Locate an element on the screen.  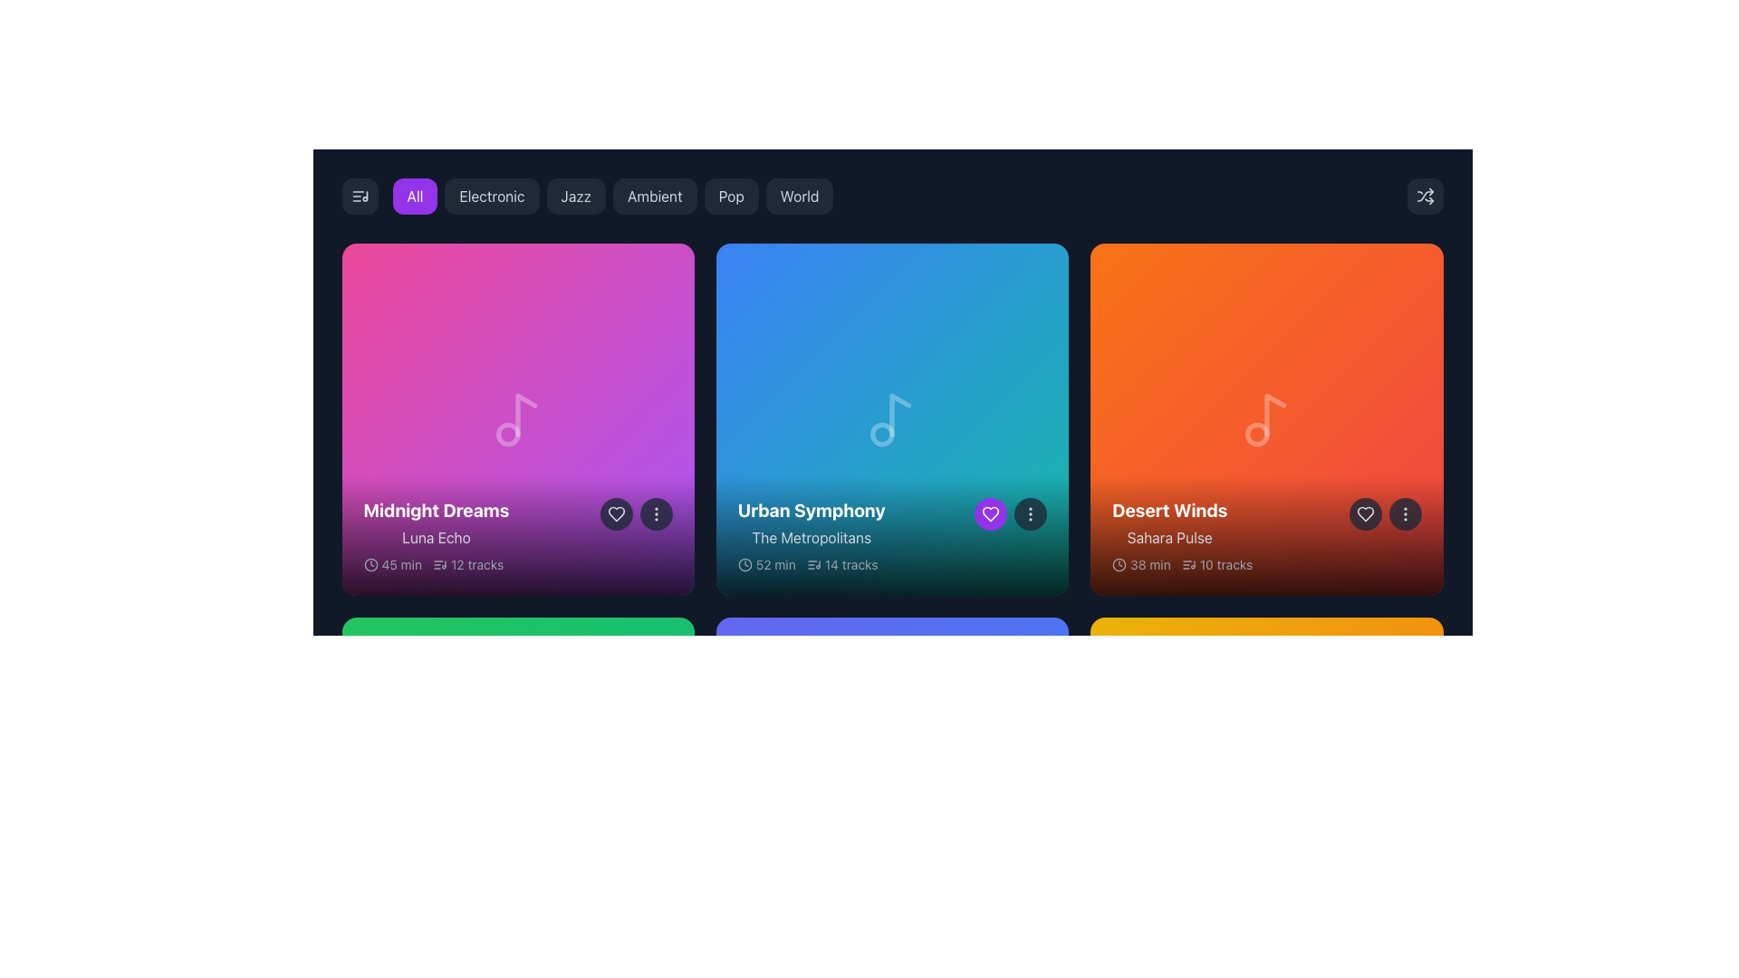
the 'Ambient' button, which is the fourth button in a horizontal list of six, located at the top part of the interface is located at coordinates (654, 196).